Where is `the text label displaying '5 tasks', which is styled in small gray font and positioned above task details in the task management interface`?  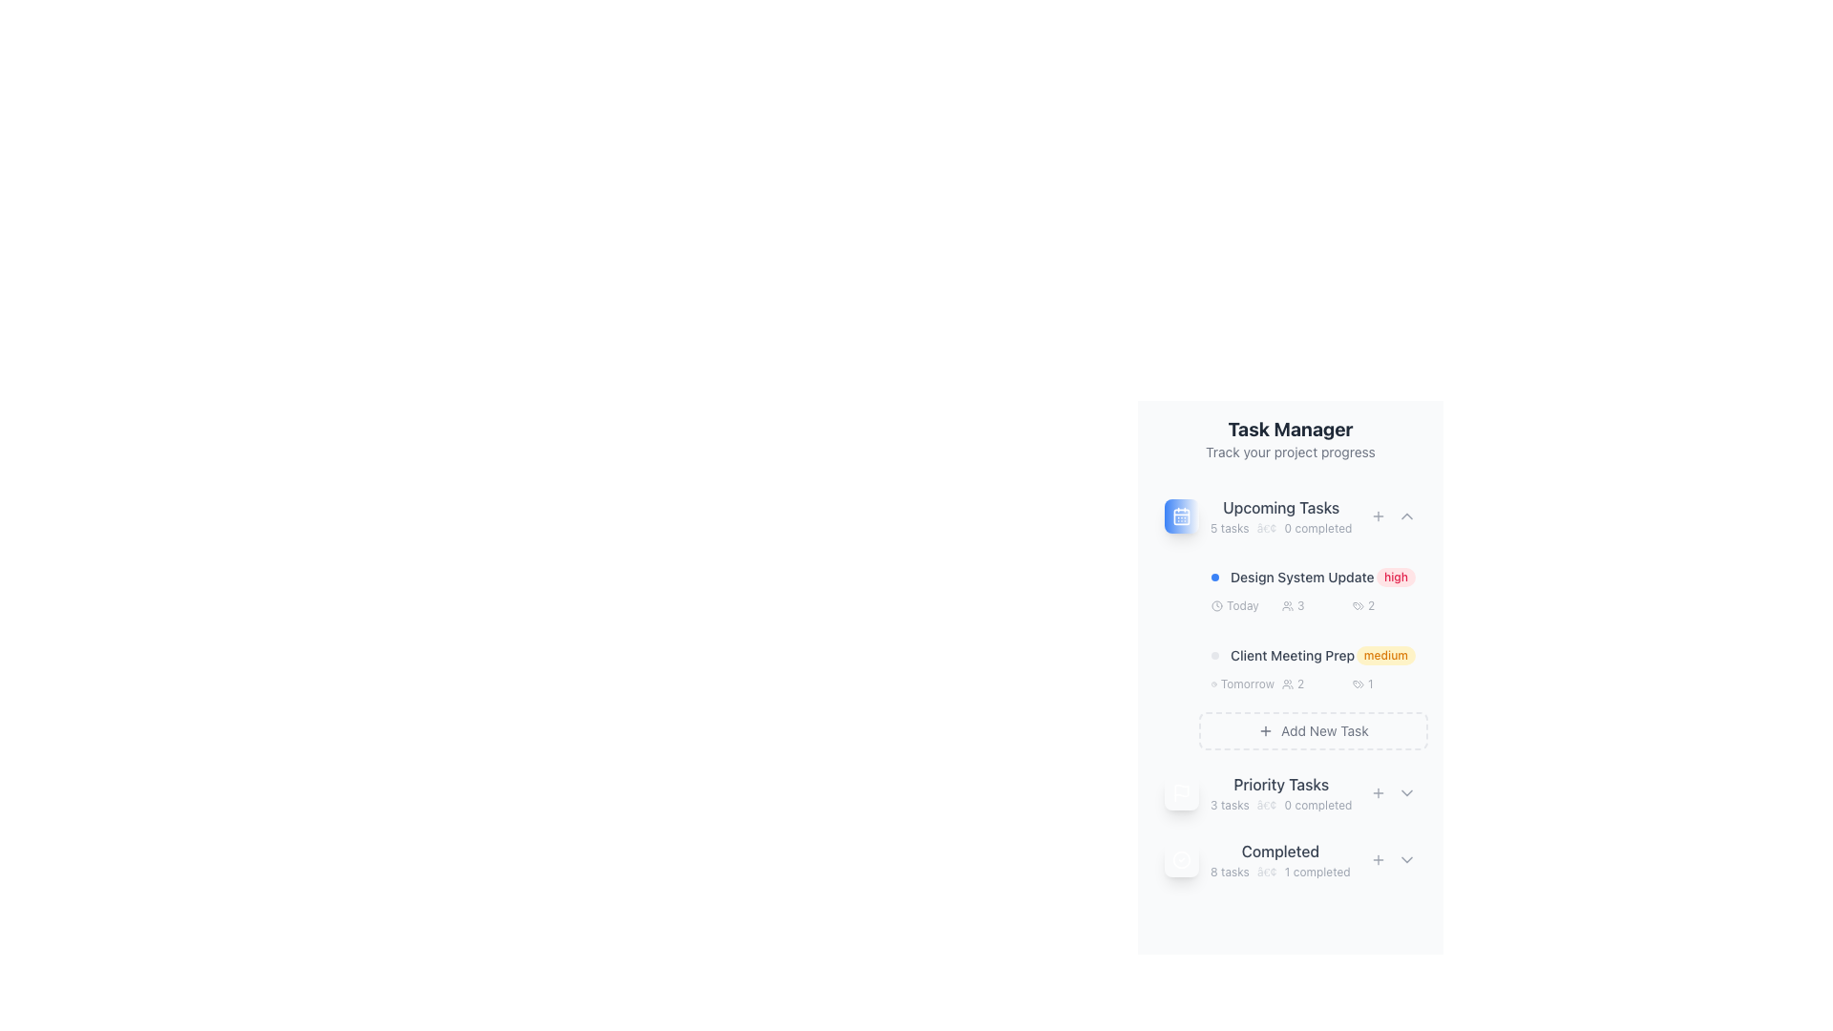
the text label displaying '5 tasks', which is styled in small gray font and positioned above task details in the task management interface is located at coordinates (1230, 529).